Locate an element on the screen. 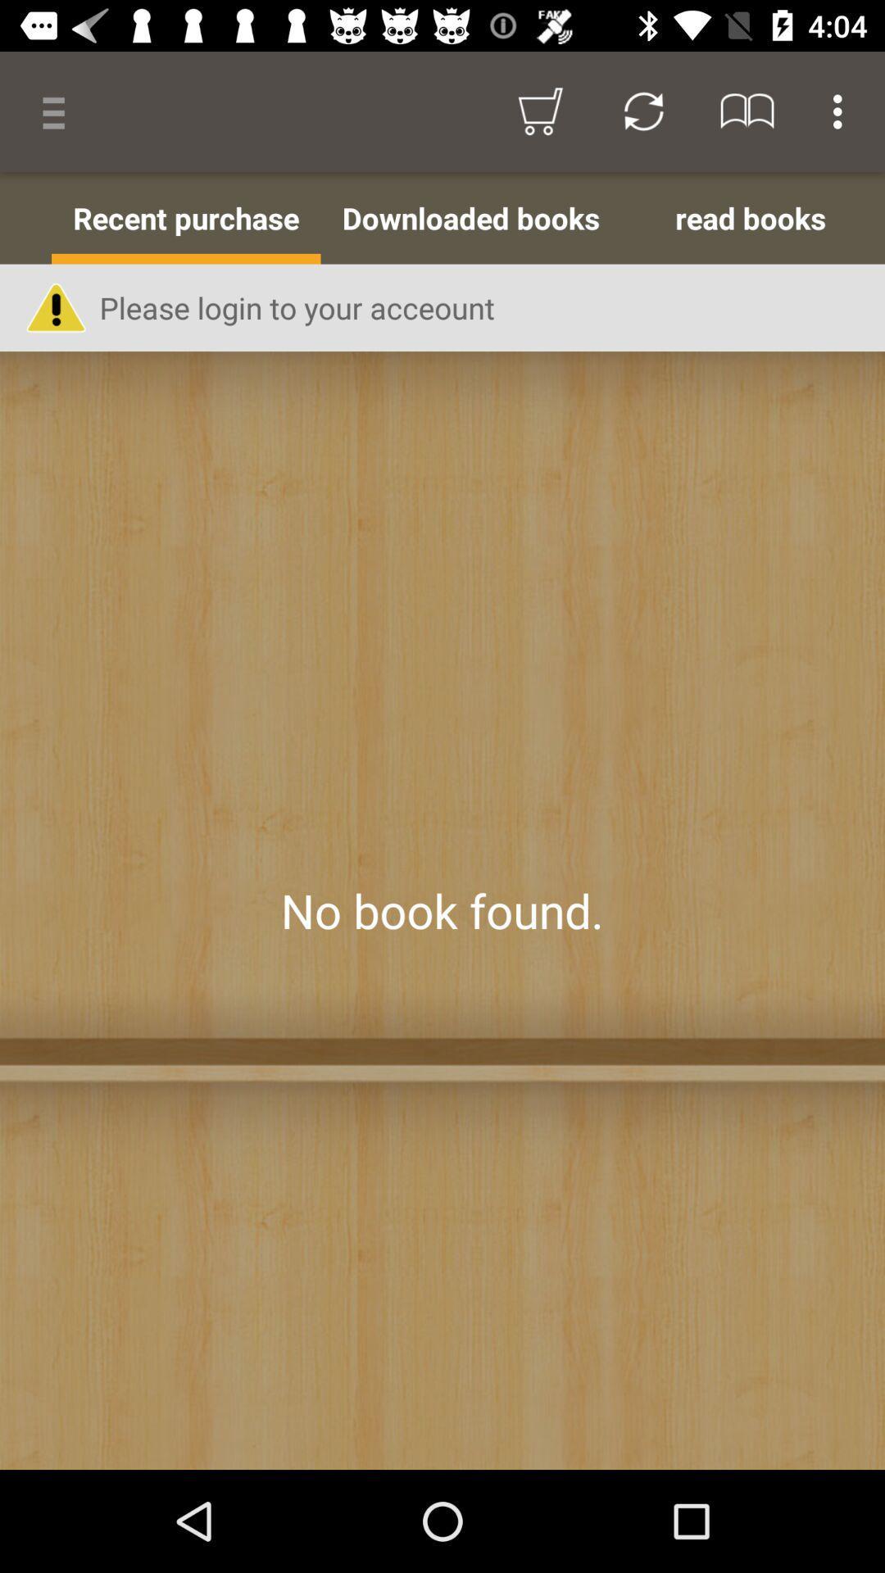 This screenshot has height=1573, width=885. book is located at coordinates (442, 909).